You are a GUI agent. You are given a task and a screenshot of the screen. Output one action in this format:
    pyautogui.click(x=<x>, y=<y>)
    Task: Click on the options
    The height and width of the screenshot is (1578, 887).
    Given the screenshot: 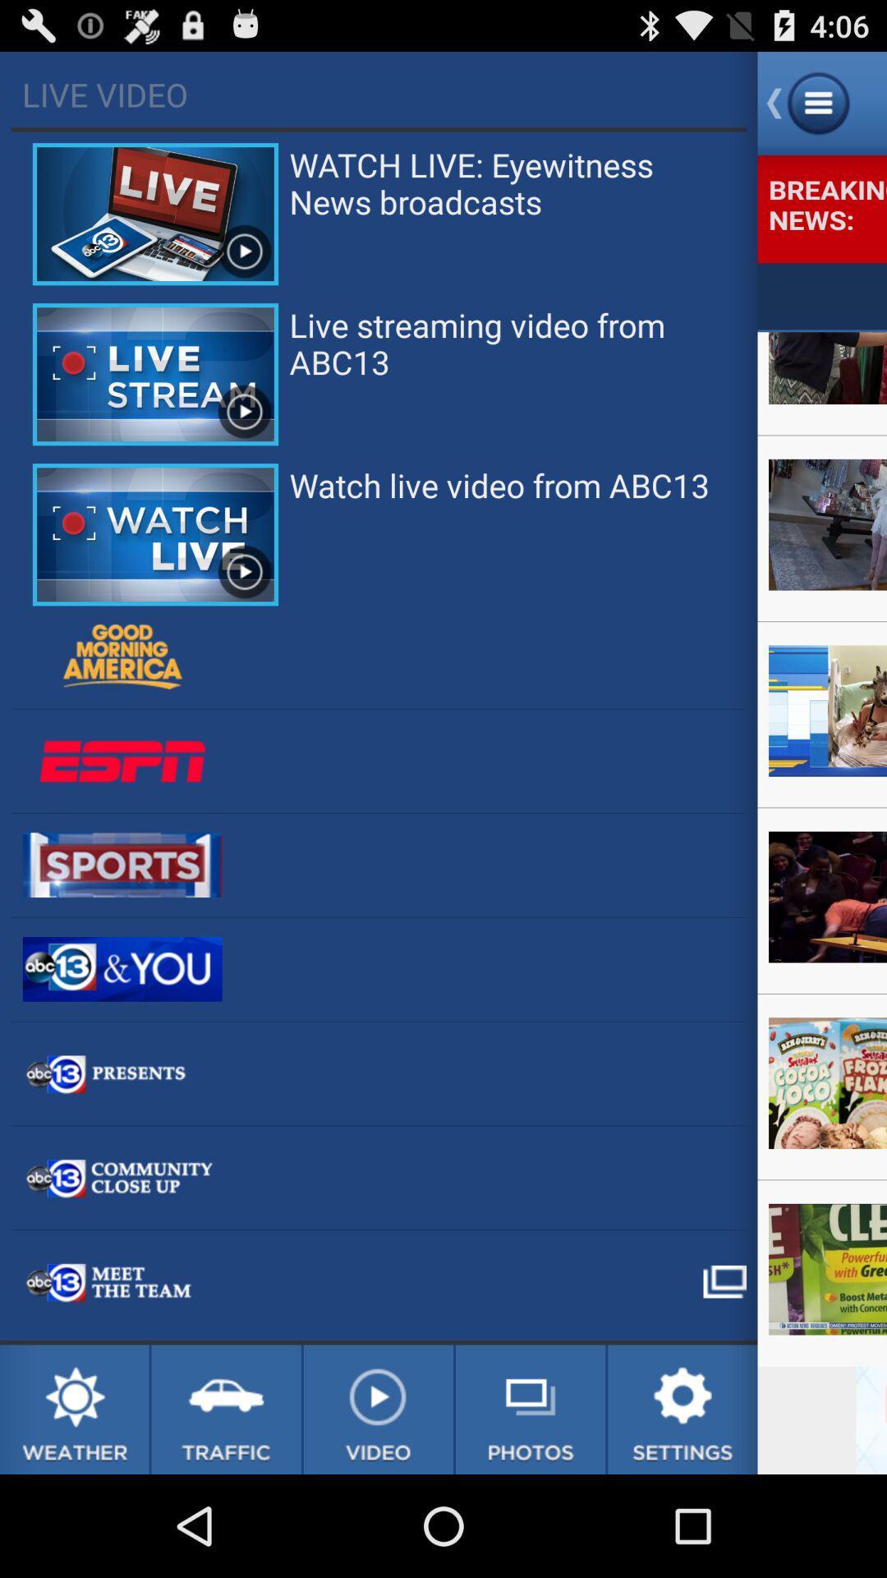 What is the action you would take?
    pyautogui.click(x=682, y=1409)
    